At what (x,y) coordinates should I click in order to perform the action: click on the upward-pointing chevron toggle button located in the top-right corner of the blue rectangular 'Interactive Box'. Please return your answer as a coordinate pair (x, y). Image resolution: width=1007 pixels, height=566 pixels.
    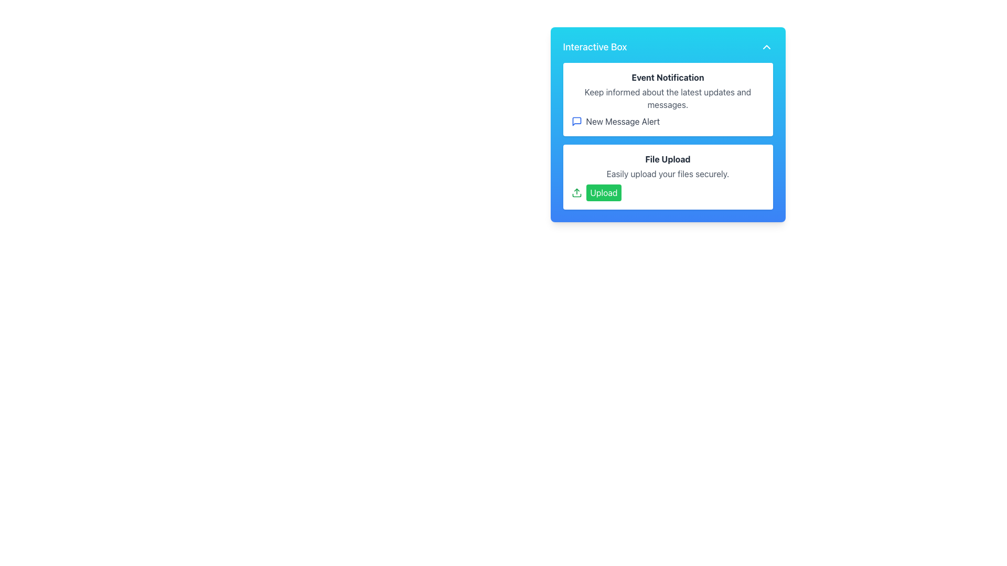
    Looking at the image, I should click on (766, 46).